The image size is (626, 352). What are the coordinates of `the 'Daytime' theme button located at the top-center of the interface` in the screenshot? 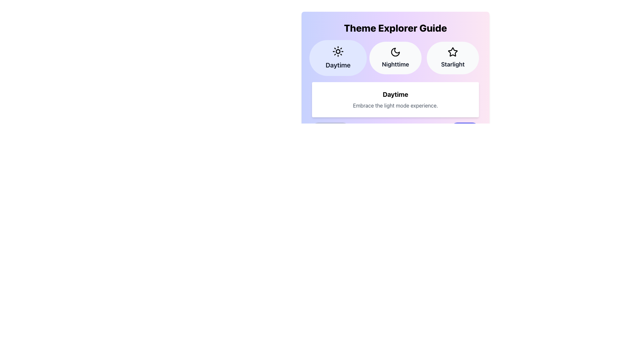 It's located at (338, 57).